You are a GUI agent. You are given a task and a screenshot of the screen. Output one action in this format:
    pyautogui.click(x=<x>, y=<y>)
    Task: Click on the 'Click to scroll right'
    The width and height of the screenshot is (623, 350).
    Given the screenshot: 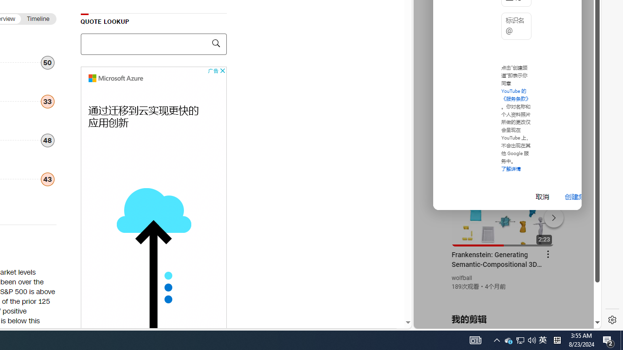 What is the action you would take?
    pyautogui.click(x=582, y=40)
    